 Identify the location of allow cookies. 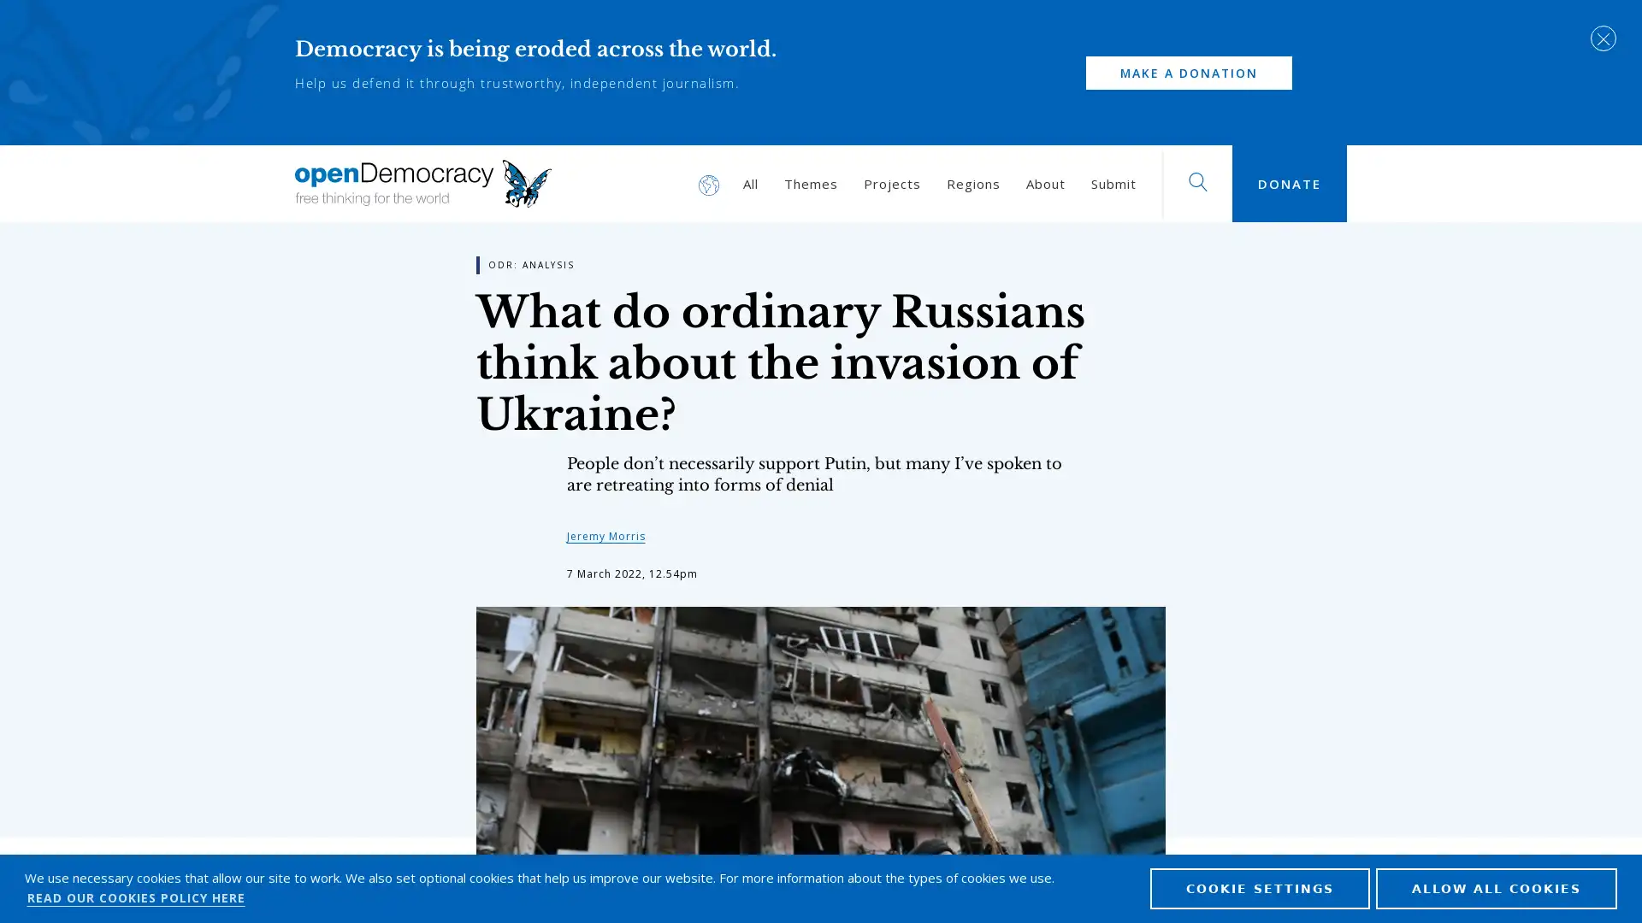
(1496, 886).